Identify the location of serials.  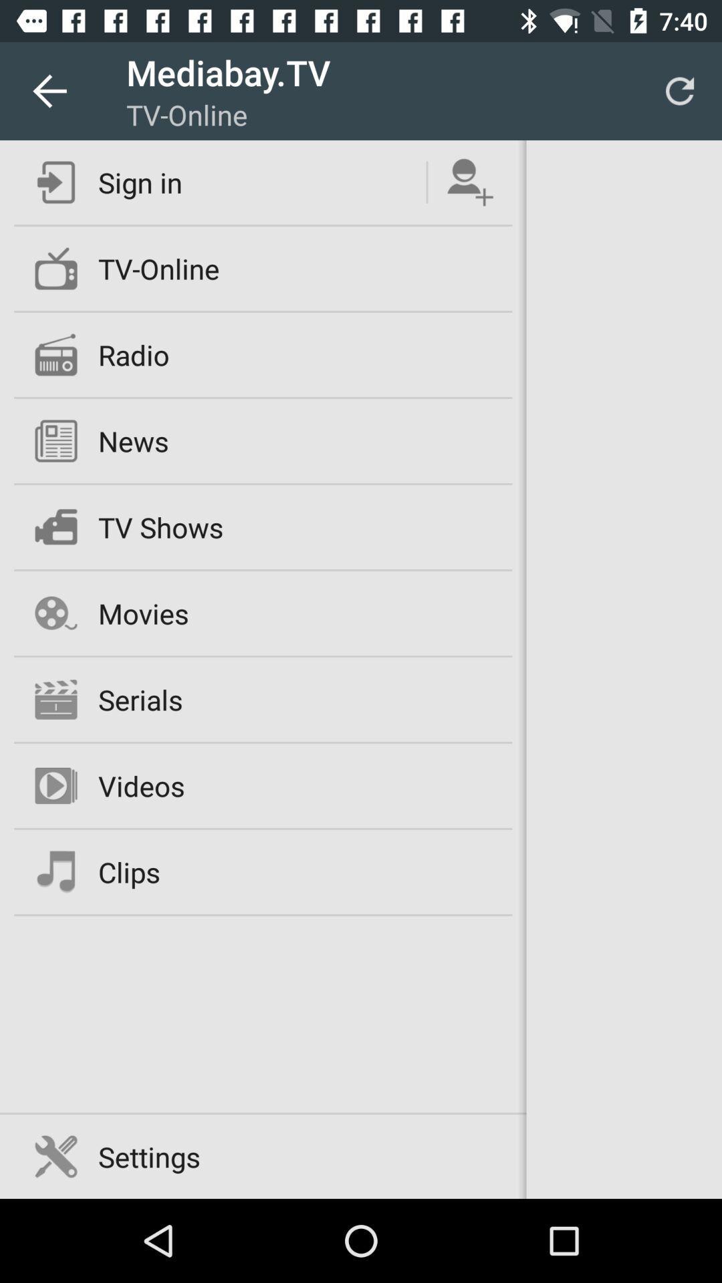
(140, 698).